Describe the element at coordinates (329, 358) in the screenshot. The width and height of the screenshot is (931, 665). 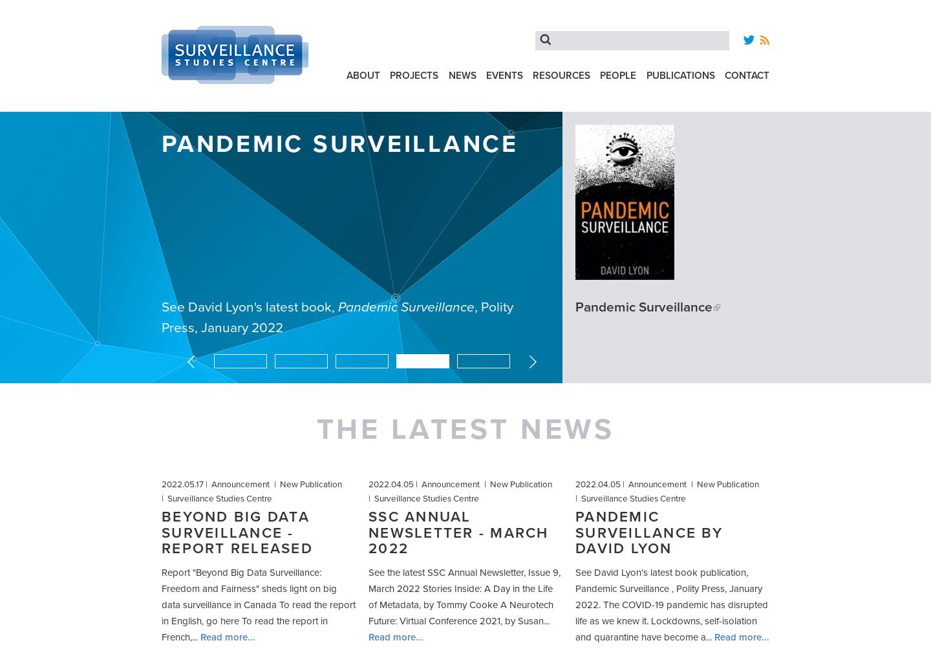
I see `'2'` at that location.